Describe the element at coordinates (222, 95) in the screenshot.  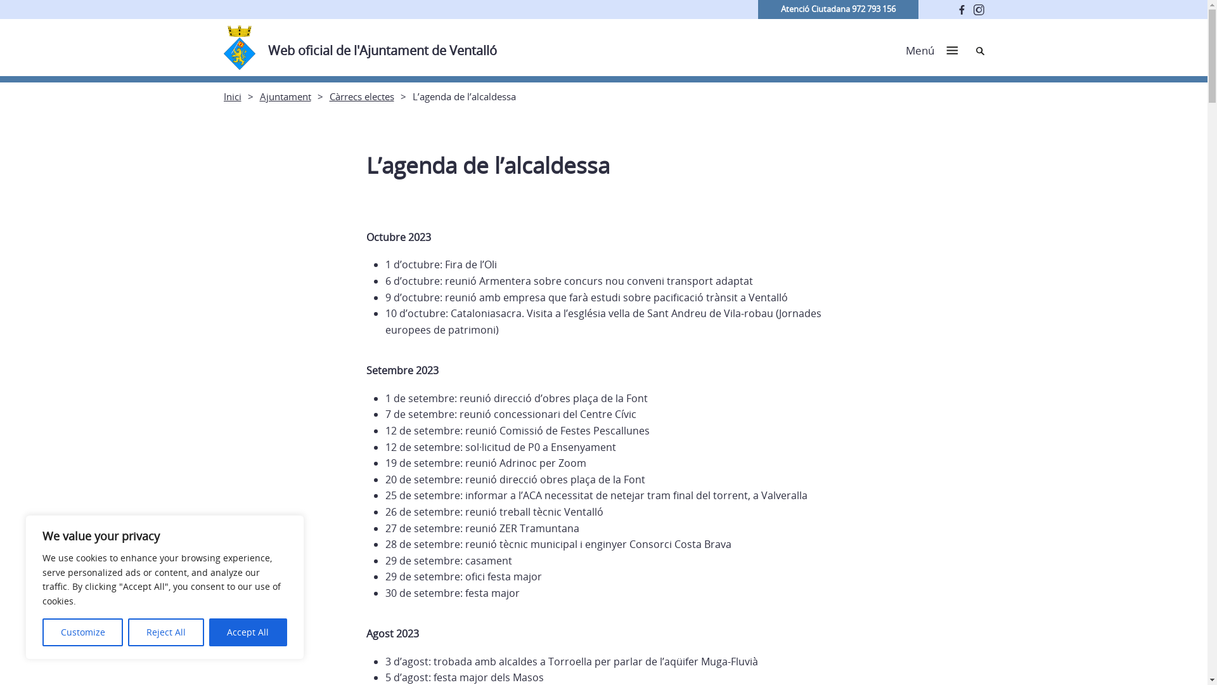
I see `'Inici'` at that location.